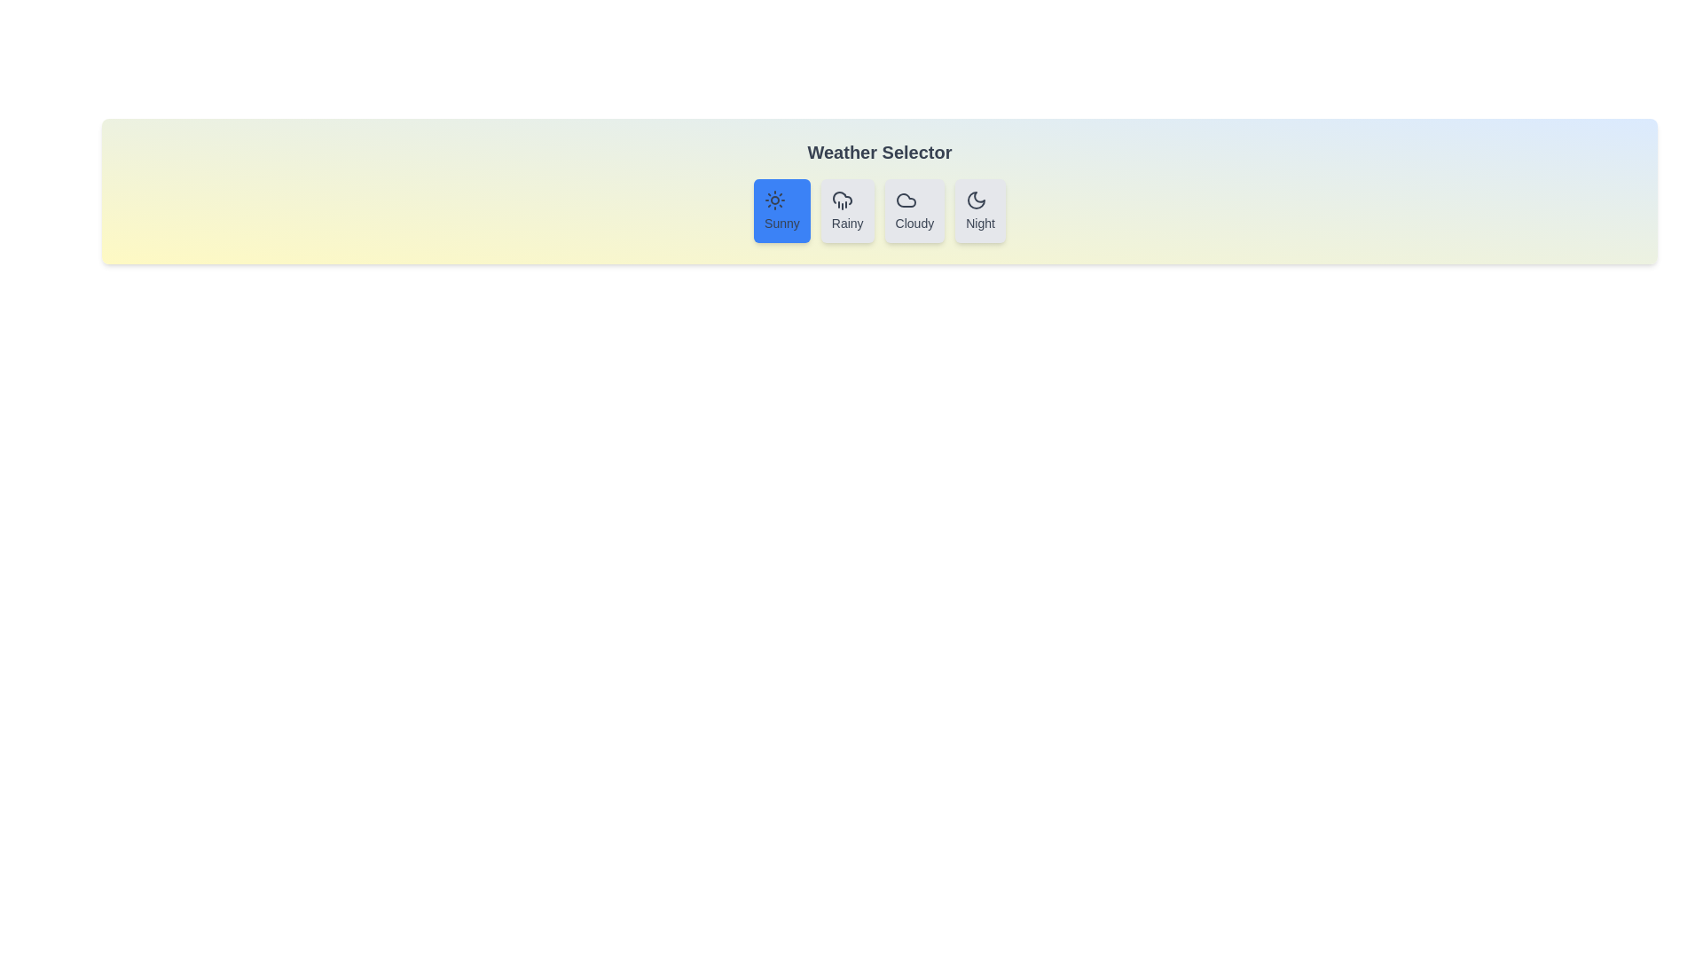 The image size is (1703, 958). Describe the element at coordinates (914, 210) in the screenshot. I see `the weather button labeled Cloudy to experience the hover effect` at that location.